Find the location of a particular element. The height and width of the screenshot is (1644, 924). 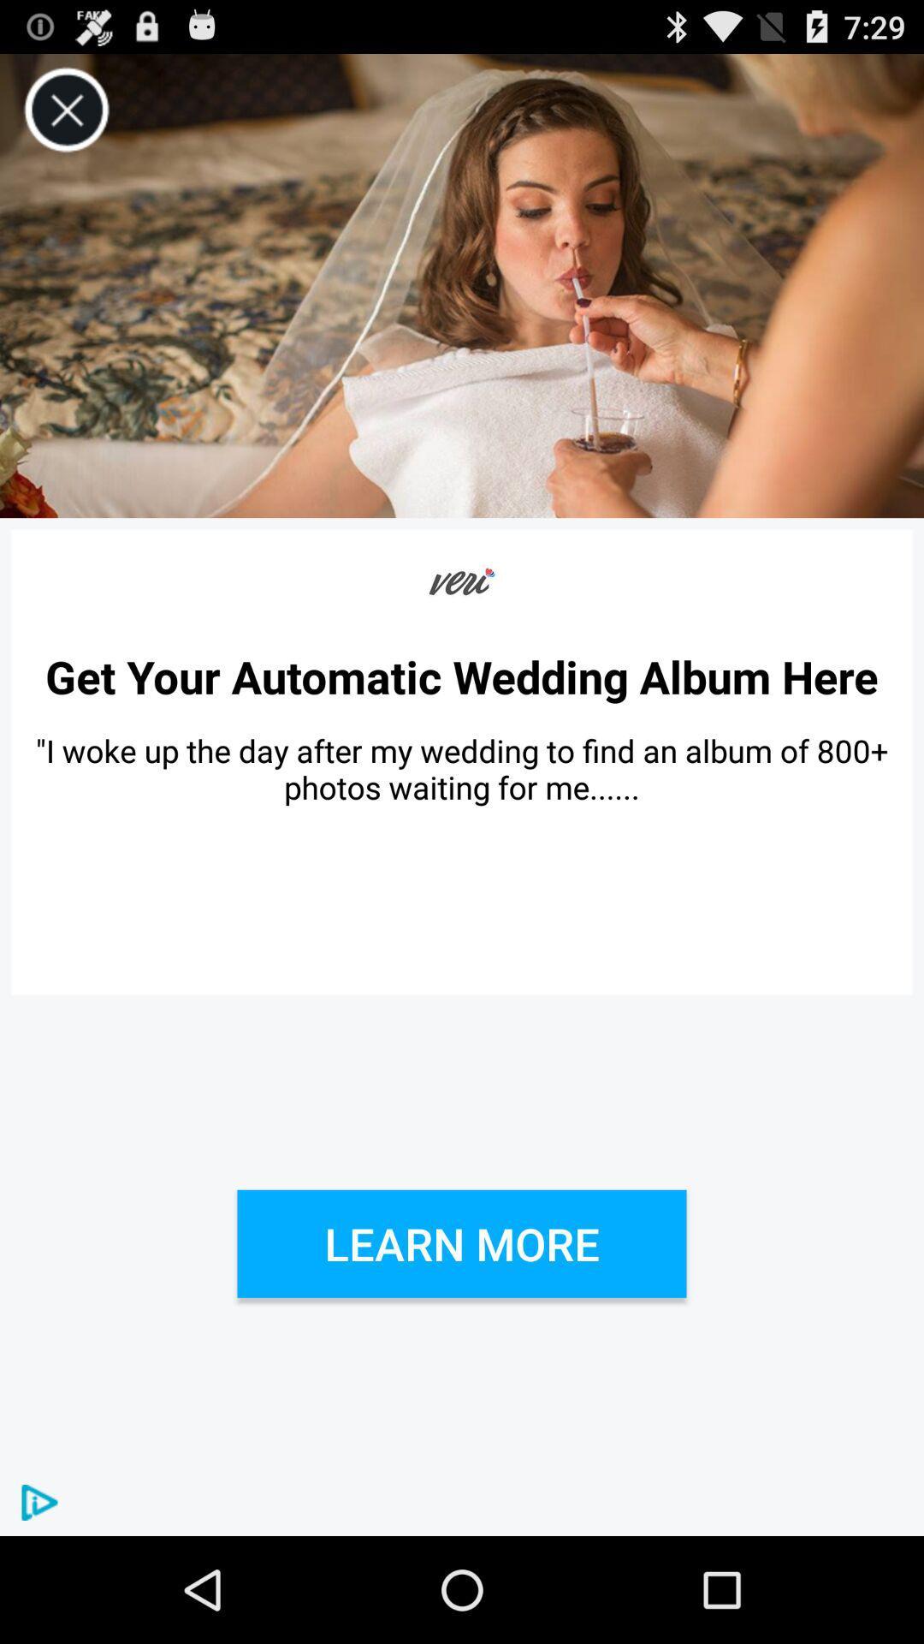

icon below get your automatic app is located at coordinates (462, 768).